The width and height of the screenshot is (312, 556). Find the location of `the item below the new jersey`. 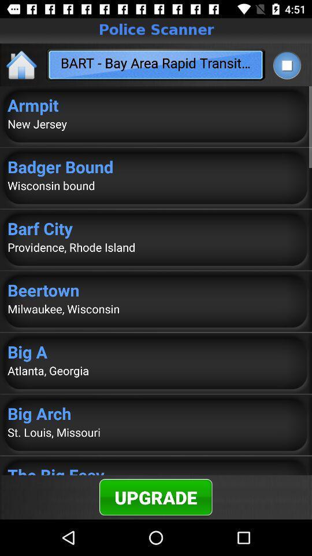

the item below the new jersey is located at coordinates (156, 166).